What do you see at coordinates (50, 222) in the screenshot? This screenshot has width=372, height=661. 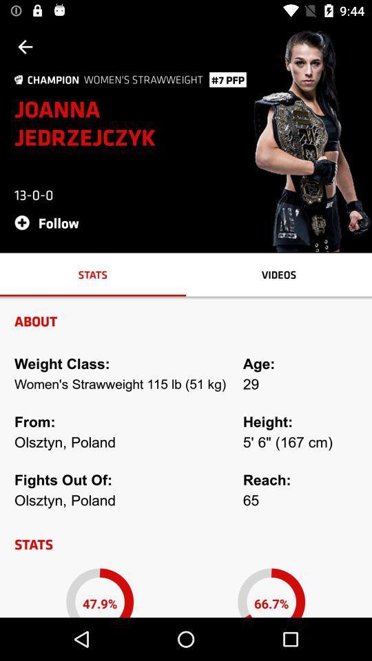 I see `follow` at bounding box center [50, 222].